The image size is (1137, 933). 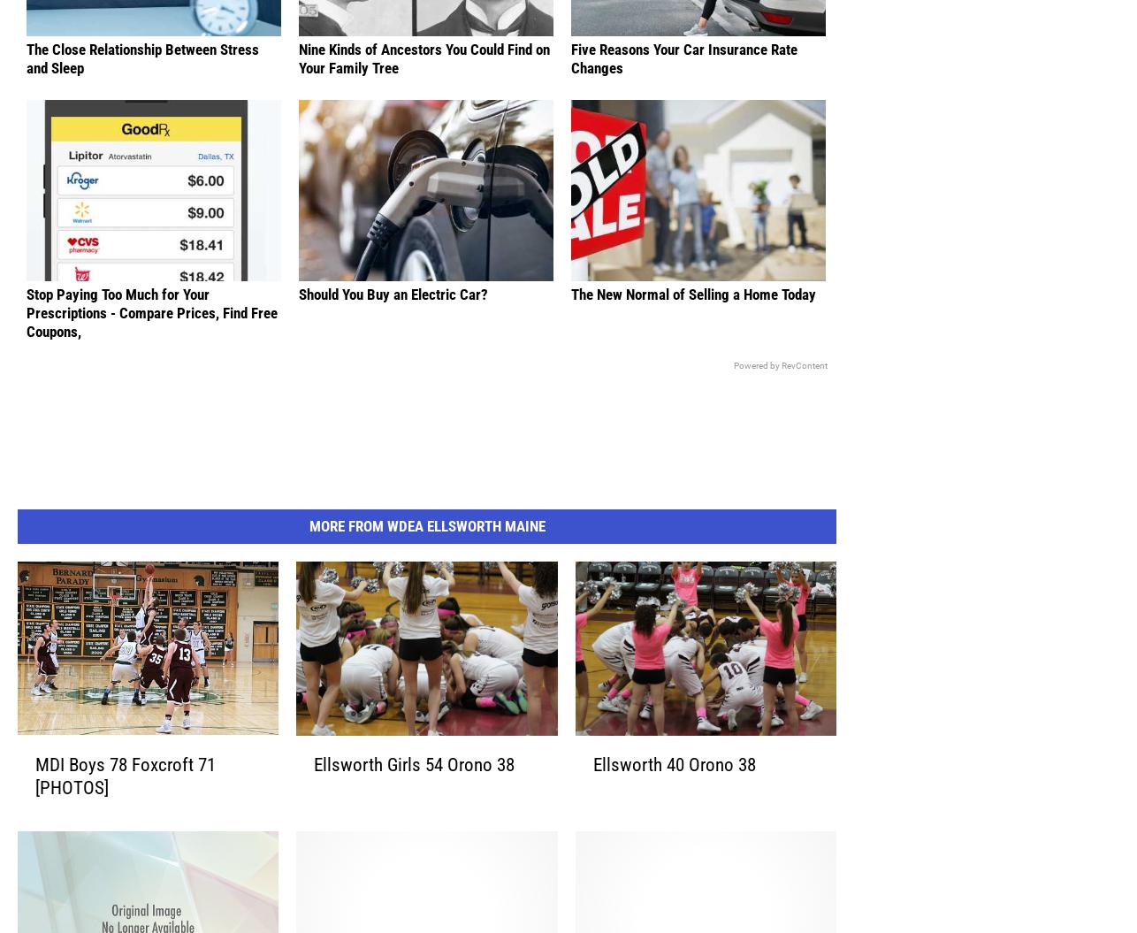 I want to click on 'Ellsworth 40 Orono 38', so click(x=673, y=792).